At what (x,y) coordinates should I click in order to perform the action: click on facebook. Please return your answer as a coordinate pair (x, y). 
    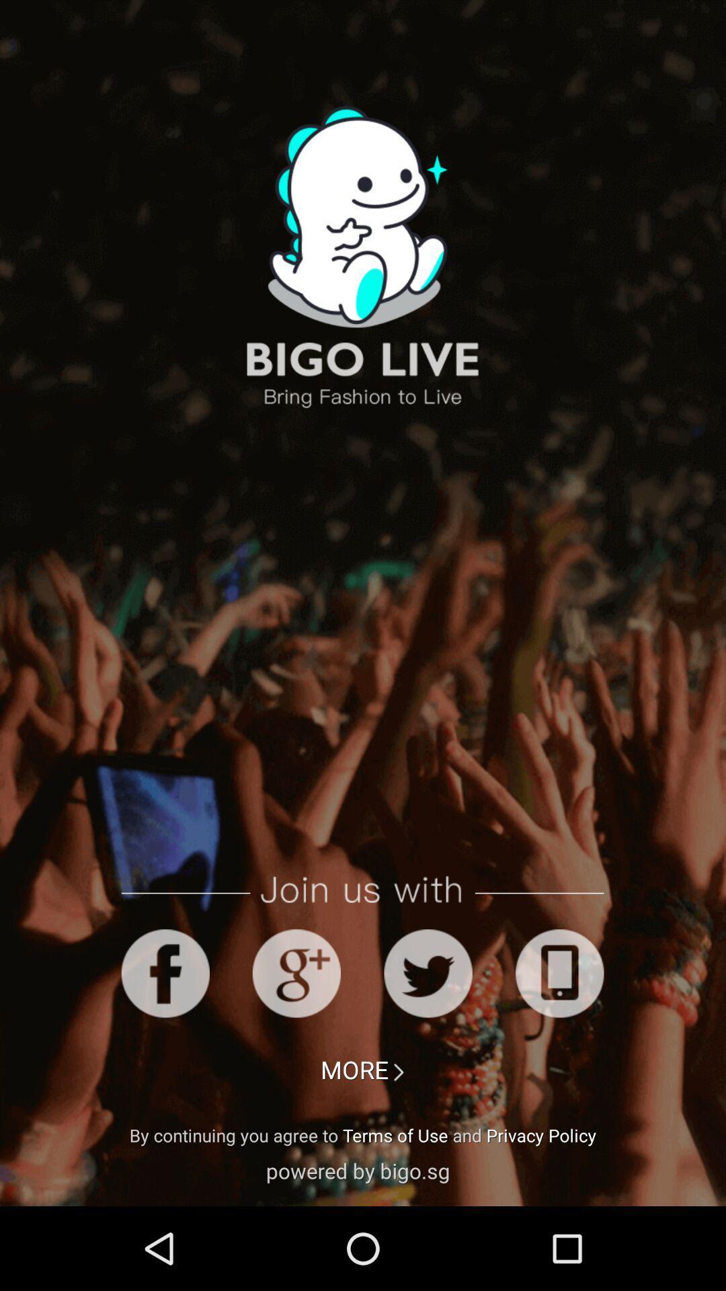
    Looking at the image, I should click on (165, 973).